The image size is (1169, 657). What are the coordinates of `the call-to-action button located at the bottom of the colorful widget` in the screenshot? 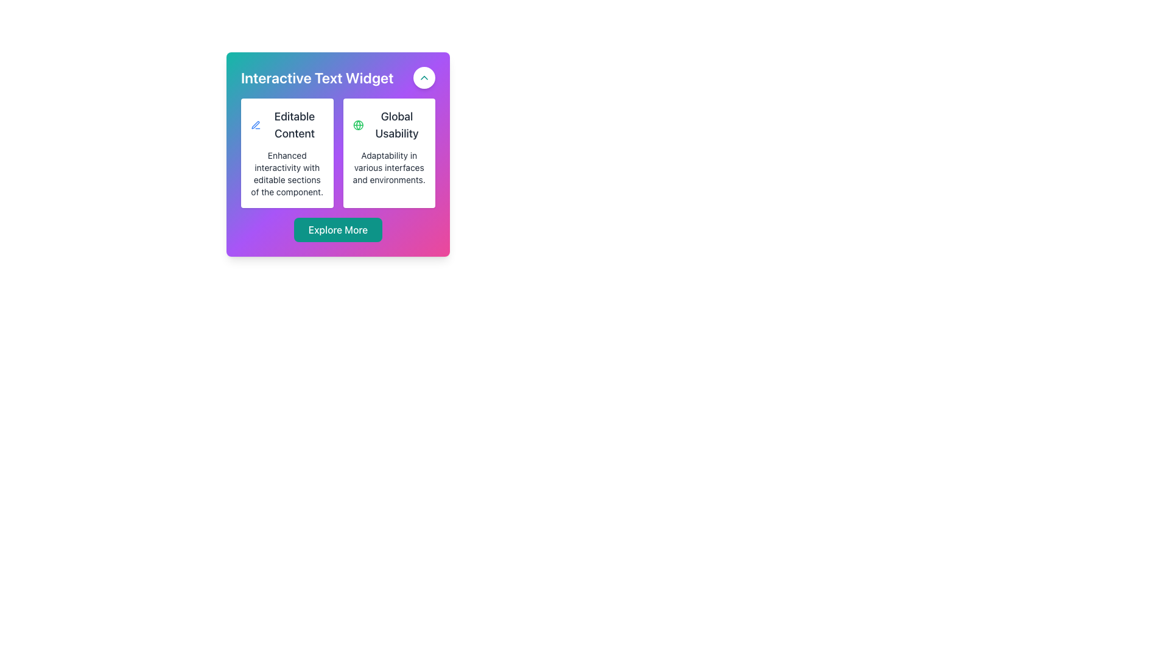 It's located at (338, 230).